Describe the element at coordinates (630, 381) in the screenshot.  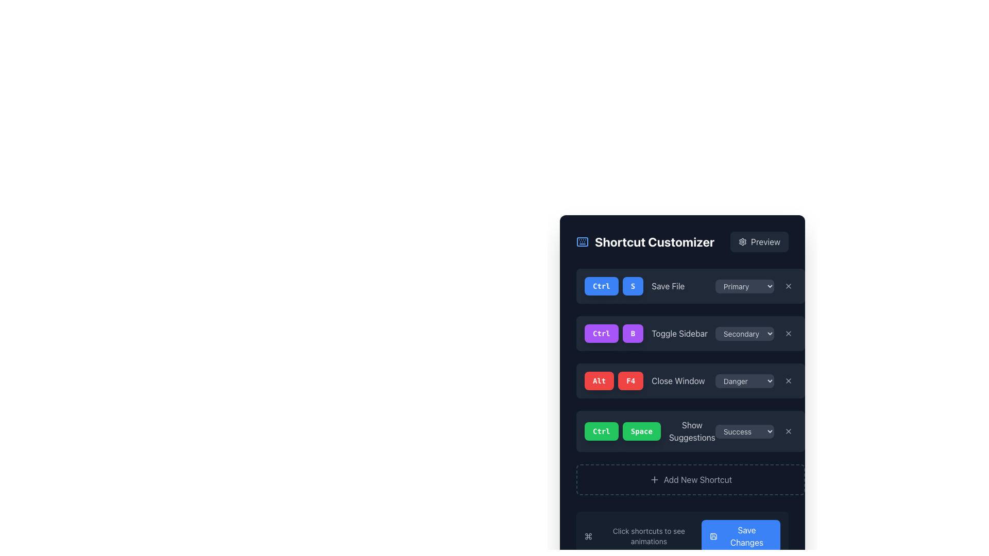
I see `the 'F4' button in the shortcut customization interface` at that location.